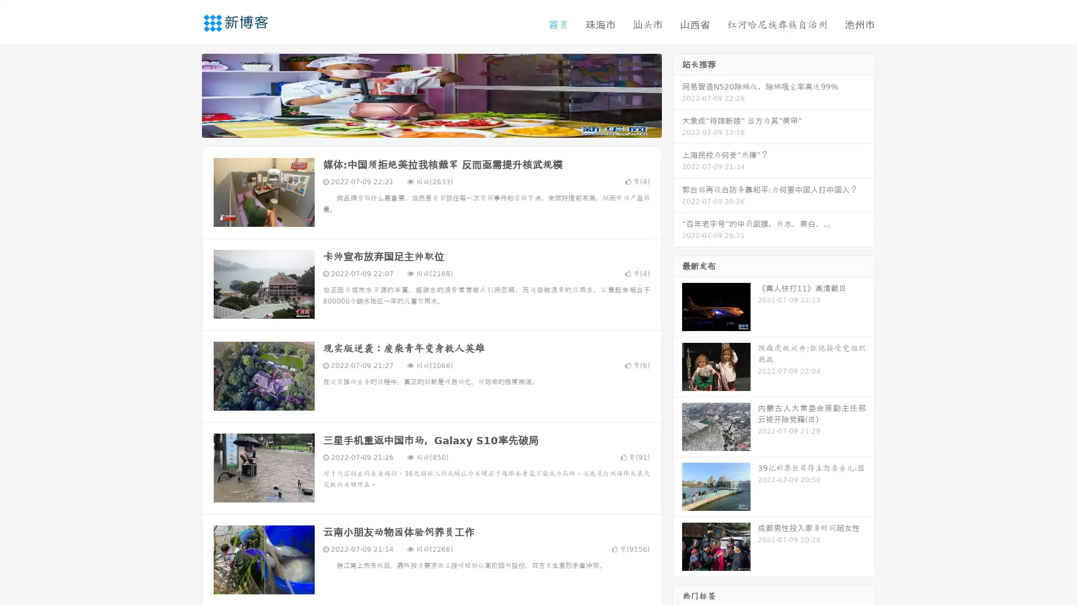 The width and height of the screenshot is (1077, 605). Describe the element at coordinates (420, 126) in the screenshot. I see `Go to slide 1` at that location.